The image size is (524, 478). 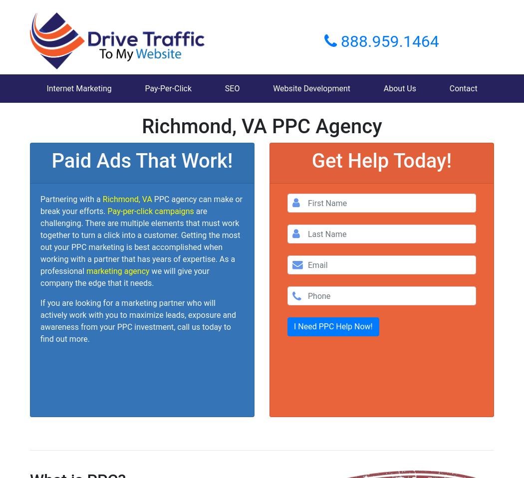 I want to click on 'Contact', so click(x=463, y=88).